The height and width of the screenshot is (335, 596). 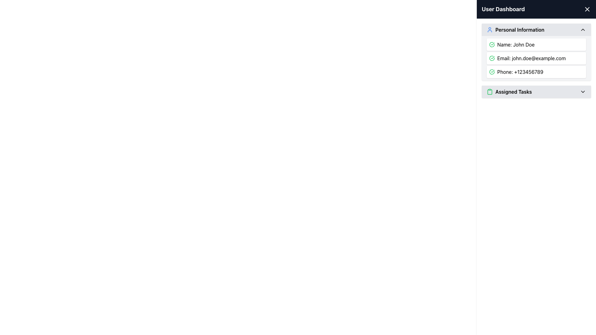 I want to click on the 'Assigned Tasks' text label, which signifies a category header for tasks in the dashboard panel, so click(x=513, y=92).